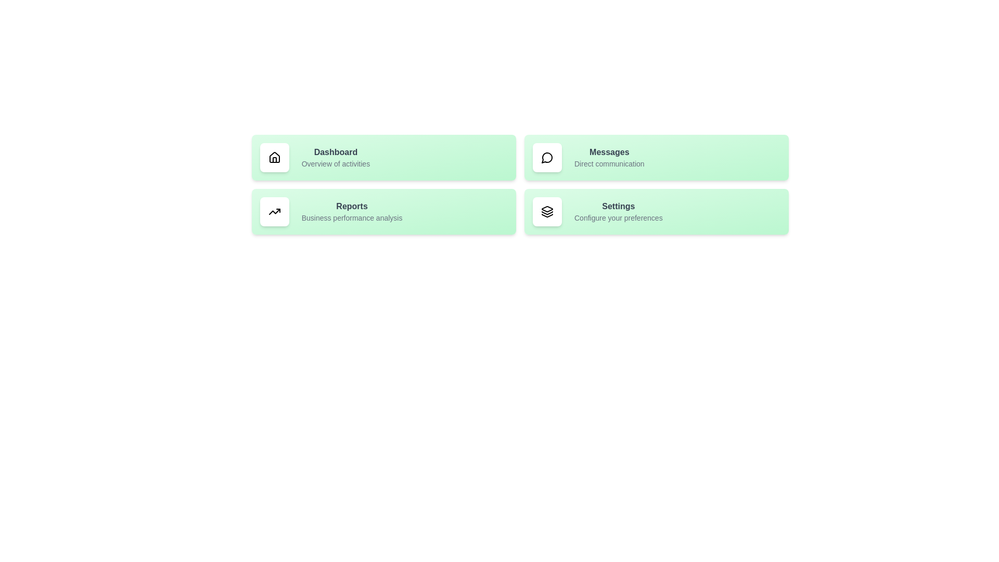  Describe the element at coordinates (335, 218) in the screenshot. I see `the text description of the item Reports` at that location.